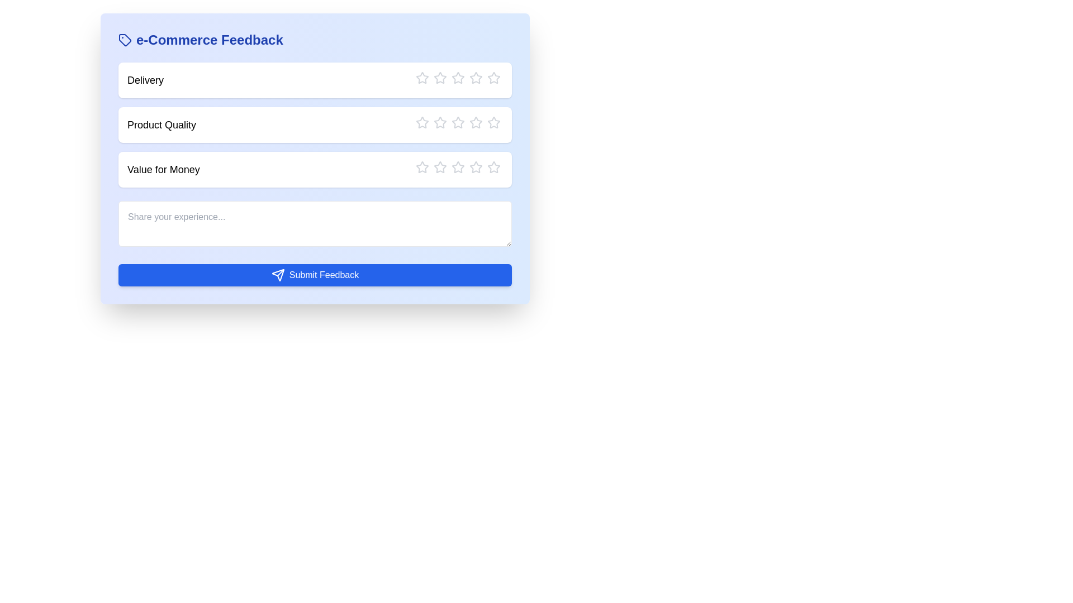 The height and width of the screenshot is (603, 1073). Describe the element at coordinates (433, 167) in the screenshot. I see `the star corresponding to the rating 2 for the category Value for Money` at that location.